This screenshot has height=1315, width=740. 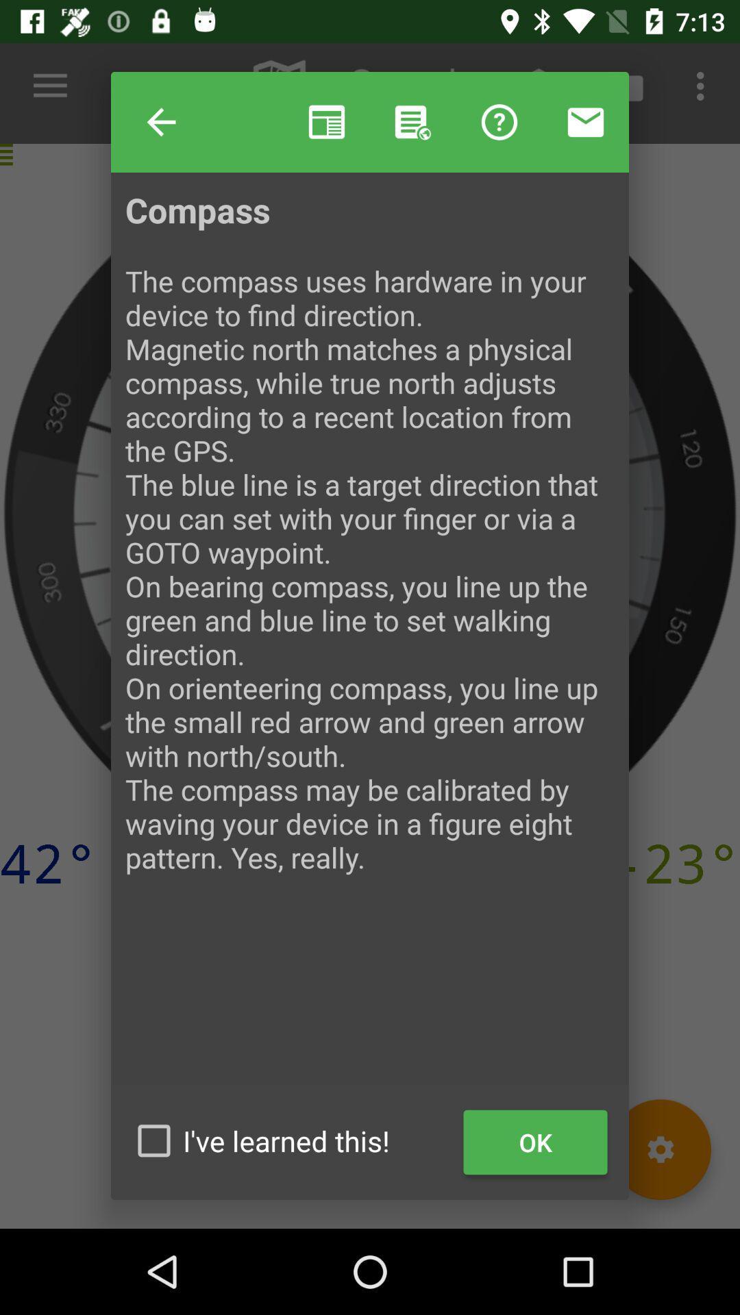 What do you see at coordinates (160, 122) in the screenshot?
I see `icon above compass the compass icon` at bounding box center [160, 122].